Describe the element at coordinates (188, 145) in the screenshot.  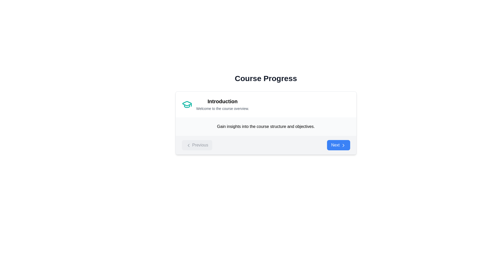
I see `the left arrow icon within the 'Previous' button, which is centrally aligned with the button's height and positioned to the left of the text 'Previous'` at that location.